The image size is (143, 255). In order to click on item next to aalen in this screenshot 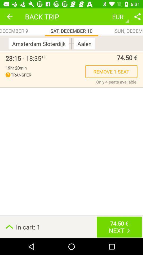, I will do `click(71, 43)`.